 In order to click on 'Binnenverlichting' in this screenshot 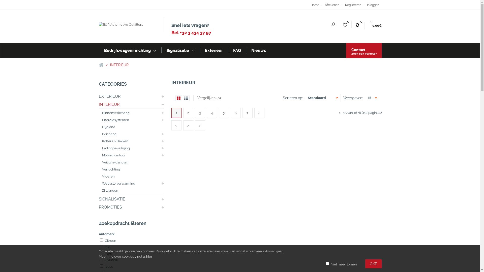, I will do `click(115, 113)`.